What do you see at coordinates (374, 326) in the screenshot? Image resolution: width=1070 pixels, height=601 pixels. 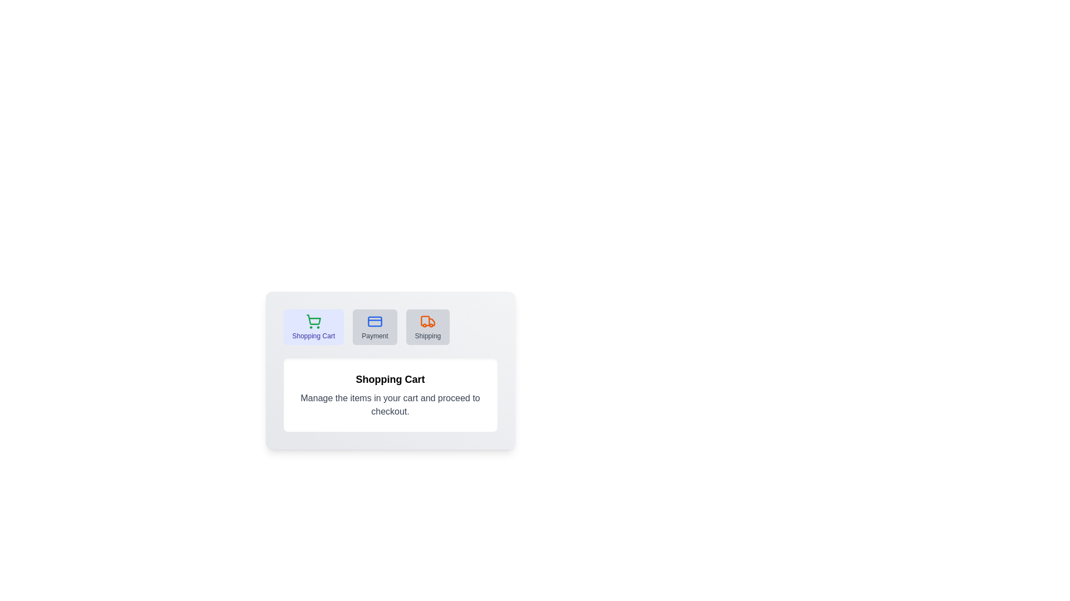 I see `the tab labeled Payment to switch to it` at bounding box center [374, 326].